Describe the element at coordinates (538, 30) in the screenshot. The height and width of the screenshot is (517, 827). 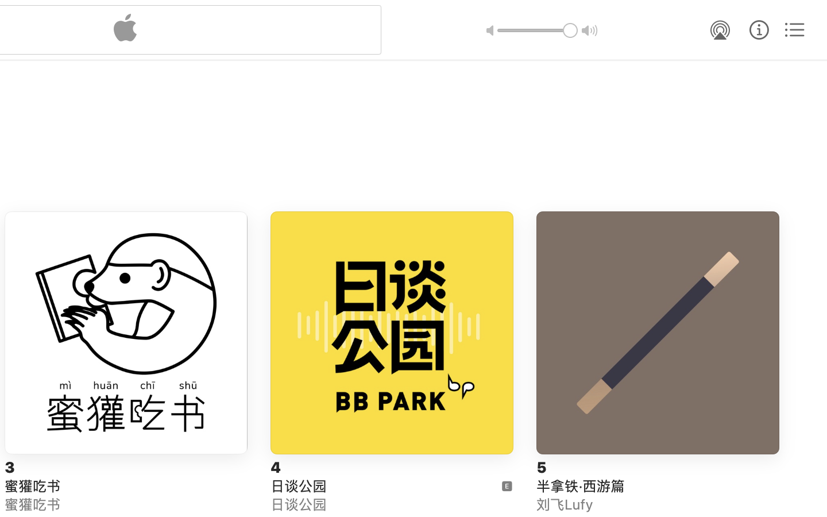
I see `'1.0'` at that location.